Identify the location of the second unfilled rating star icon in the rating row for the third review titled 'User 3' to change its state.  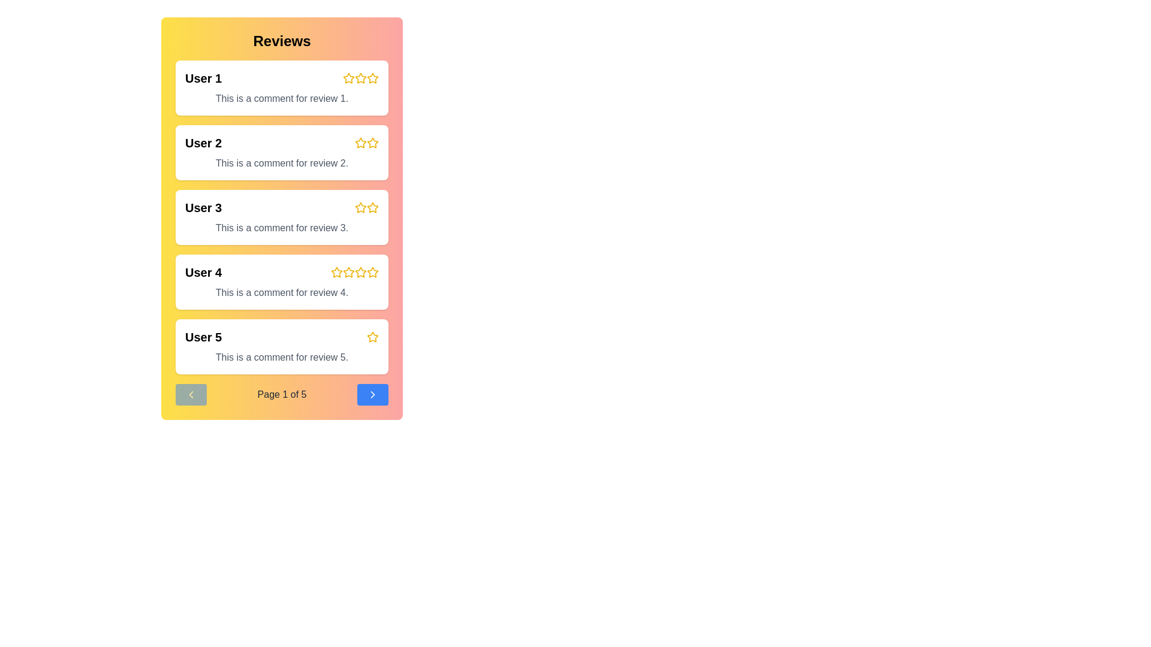
(372, 207).